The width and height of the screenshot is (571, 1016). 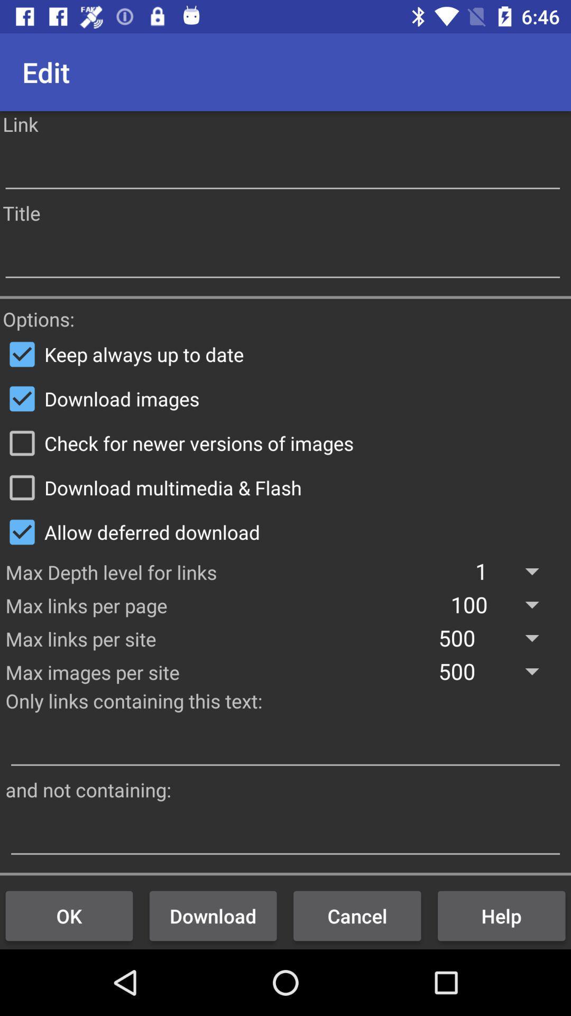 What do you see at coordinates (285, 833) in the screenshot?
I see `text bar` at bounding box center [285, 833].